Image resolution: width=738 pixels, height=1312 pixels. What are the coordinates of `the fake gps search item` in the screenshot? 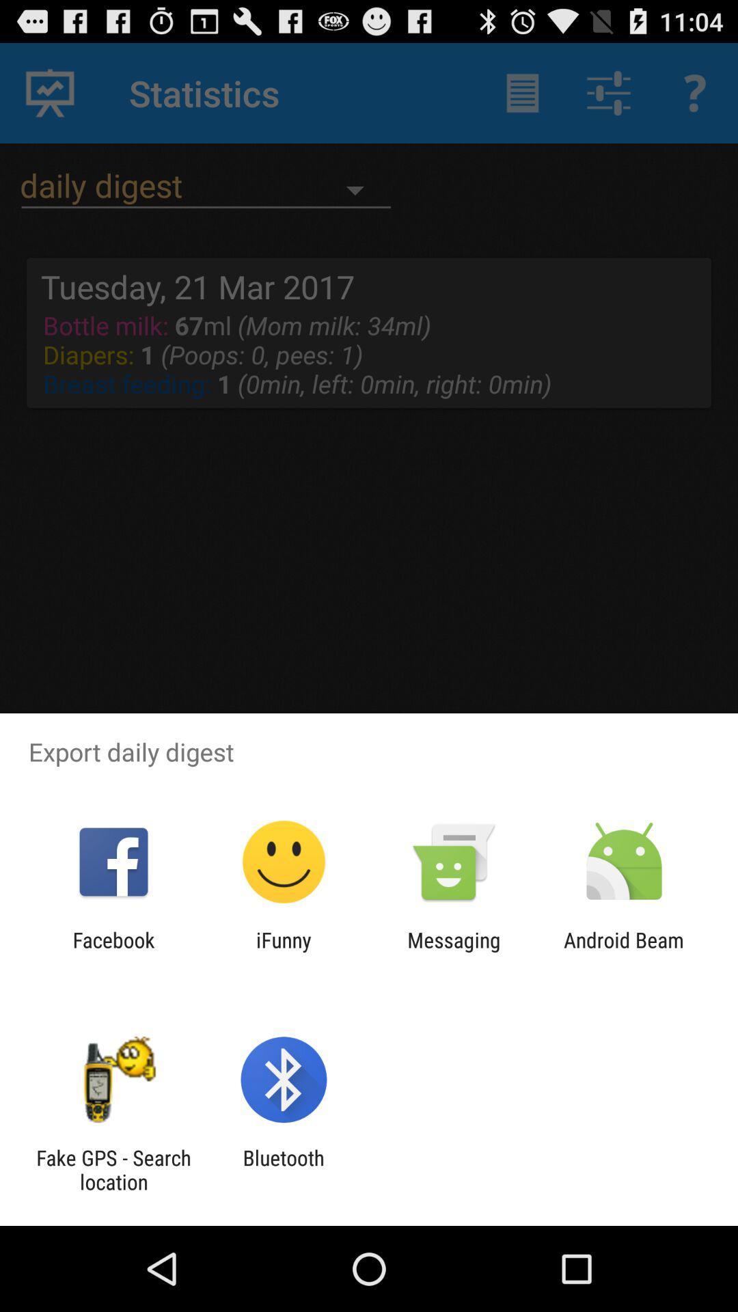 It's located at (113, 1169).